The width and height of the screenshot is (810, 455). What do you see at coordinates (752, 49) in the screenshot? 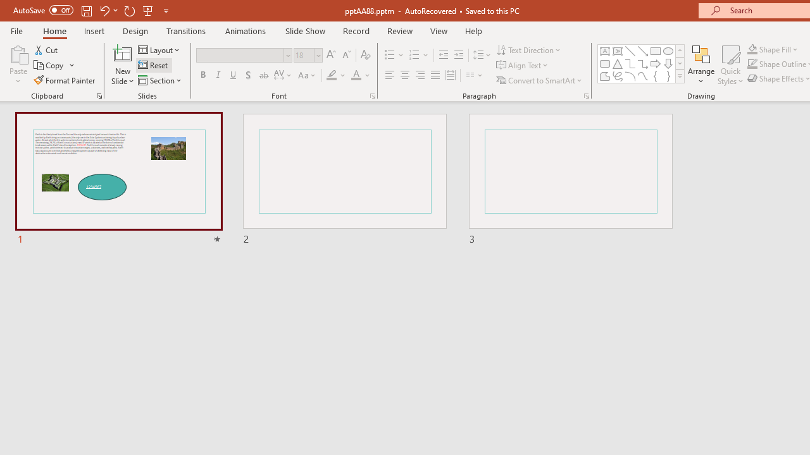
I see `'Shape Fill Aqua, Accent 2'` at bounding box center [752, 49].